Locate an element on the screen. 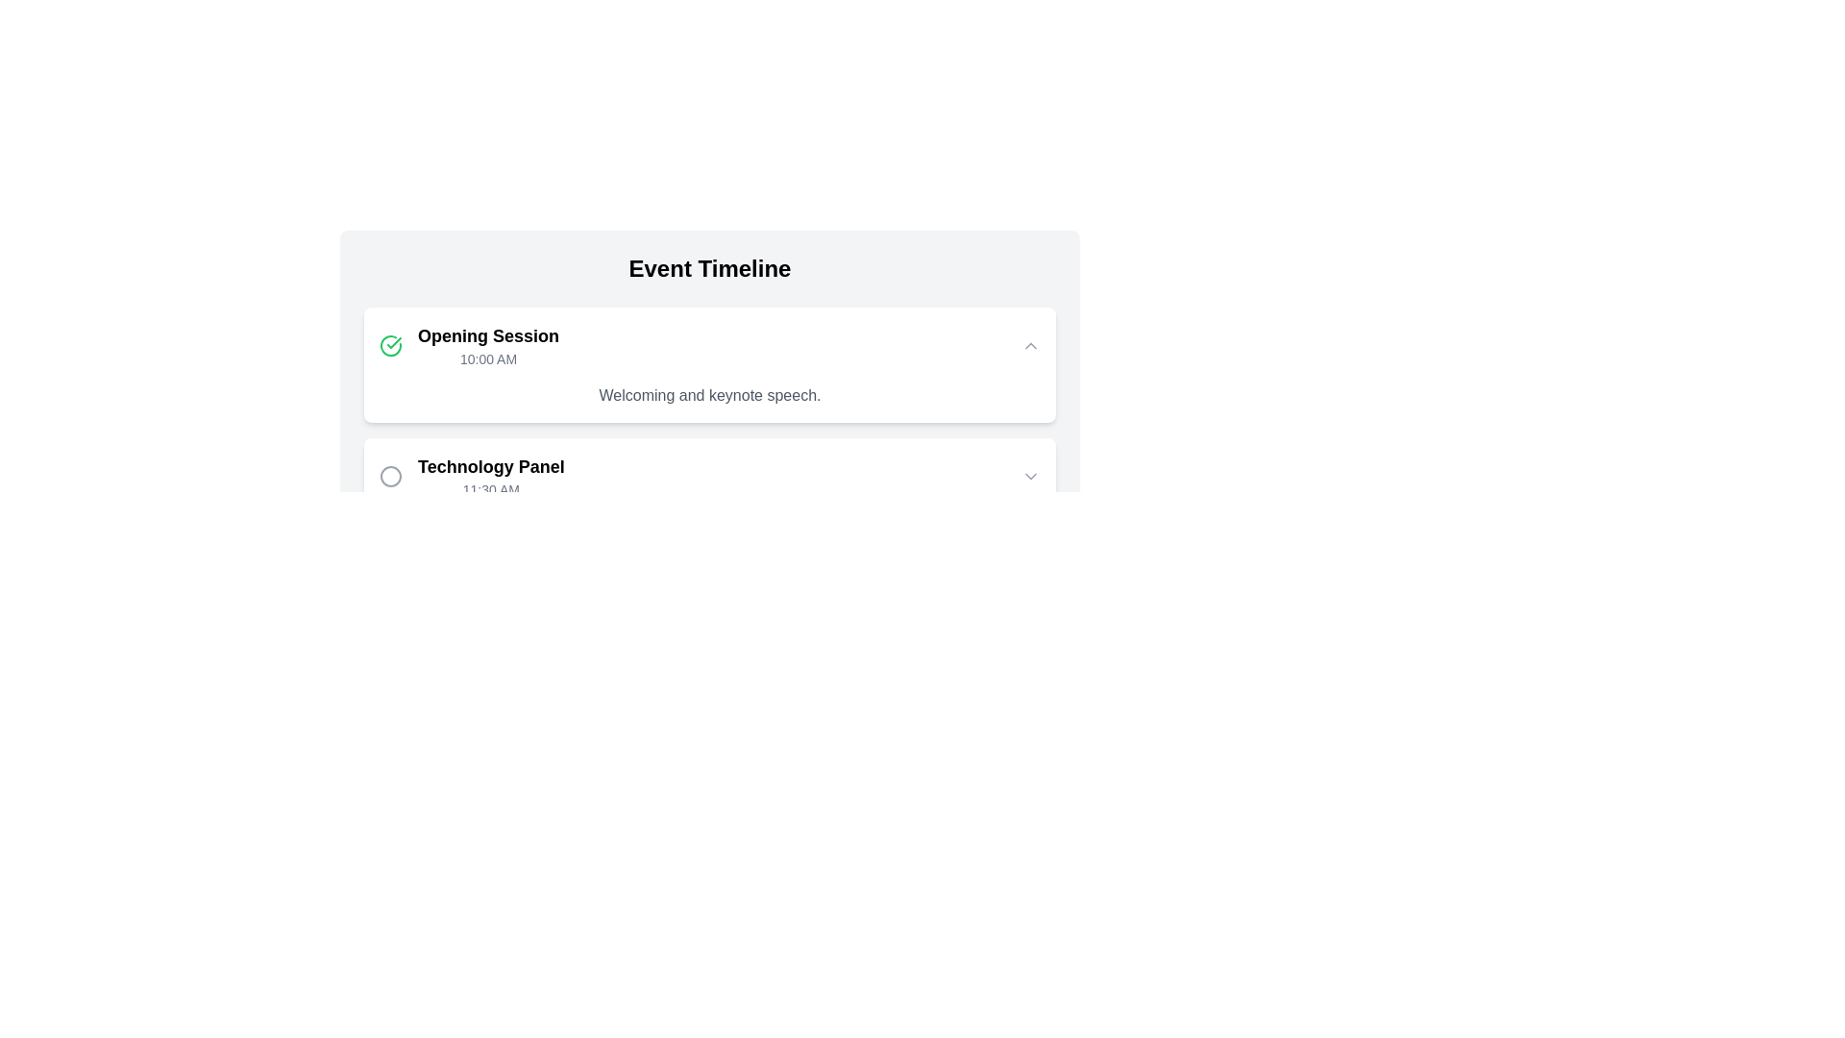 The height and width of the screenshot is (1038, 1845). the small green check mark icon located within the 'Opening Session' card in the event timeline interface is located at coordinates (393, 342).